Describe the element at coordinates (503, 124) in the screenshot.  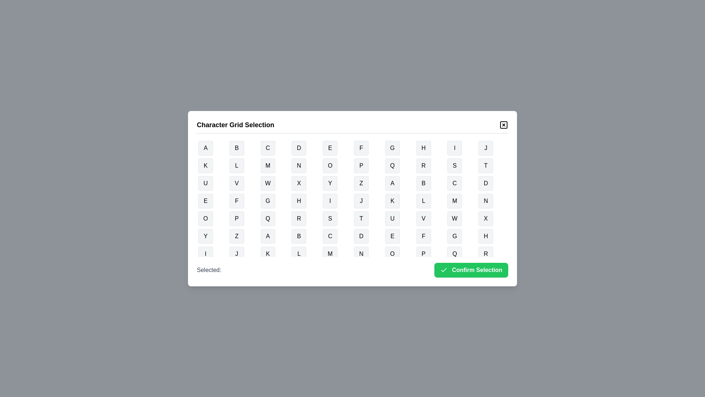
I see `close button to dismiss the dialog` at that location.